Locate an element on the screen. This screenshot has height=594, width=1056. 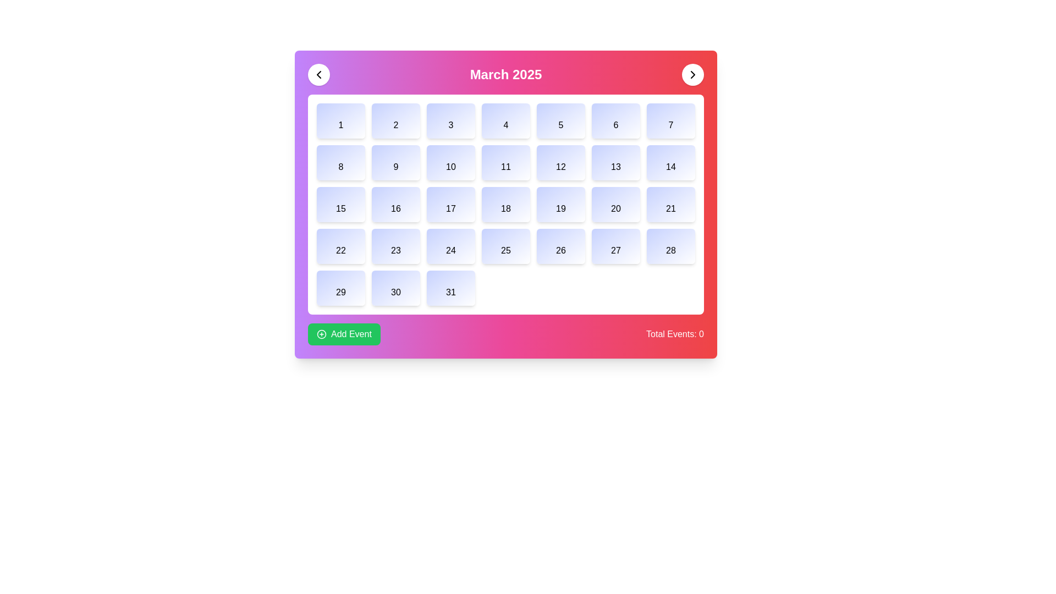
the Date representation cell displaying the number '27' in a grid layout under the header 'March 2025' is located at coordinates (615, 245).